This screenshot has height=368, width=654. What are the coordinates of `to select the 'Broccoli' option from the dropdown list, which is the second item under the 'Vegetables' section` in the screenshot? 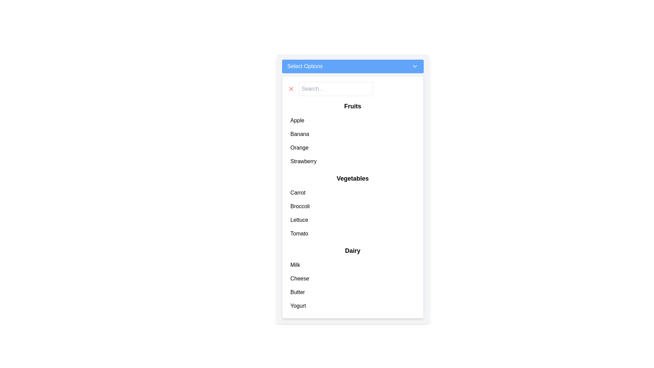 It's located at (353, 206).